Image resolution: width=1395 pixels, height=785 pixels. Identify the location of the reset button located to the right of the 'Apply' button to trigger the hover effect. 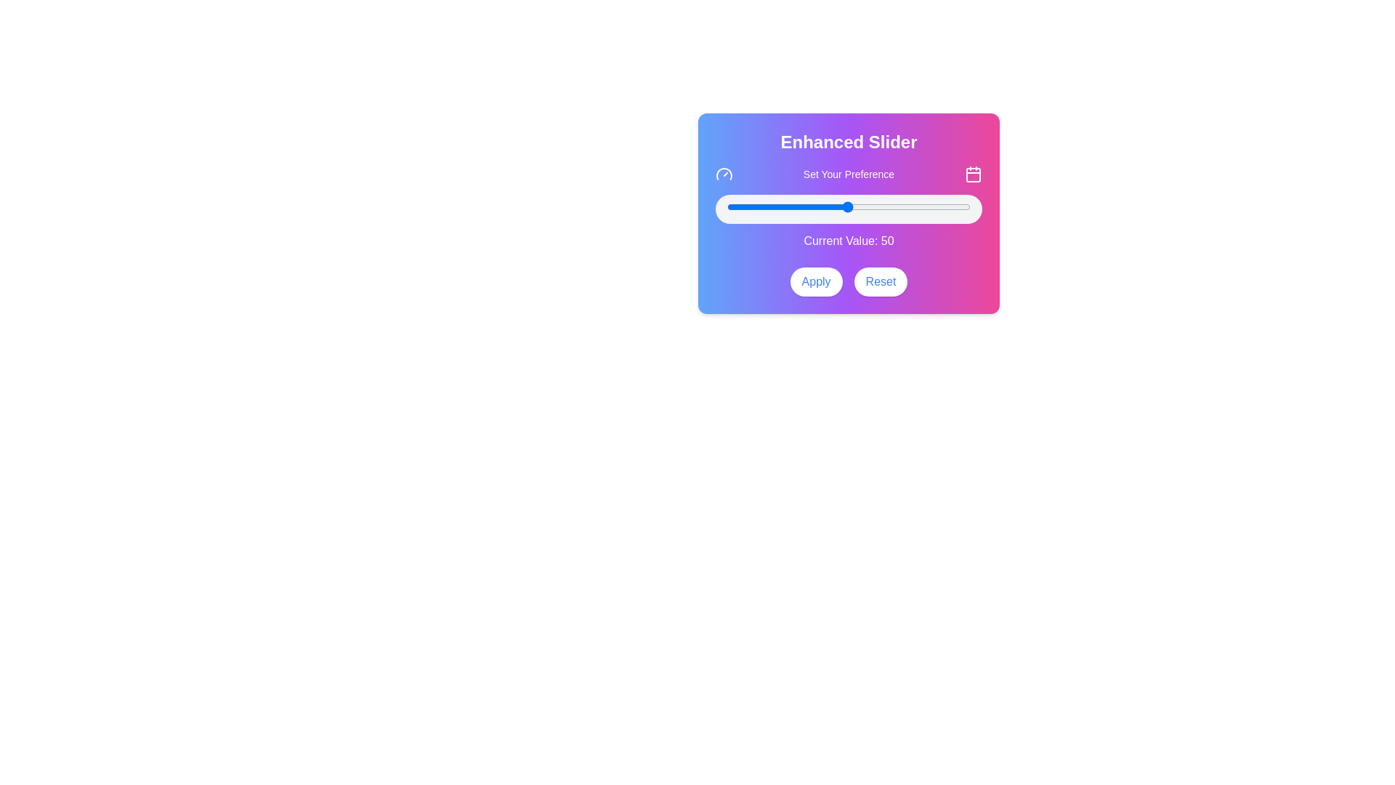
(880, 282).